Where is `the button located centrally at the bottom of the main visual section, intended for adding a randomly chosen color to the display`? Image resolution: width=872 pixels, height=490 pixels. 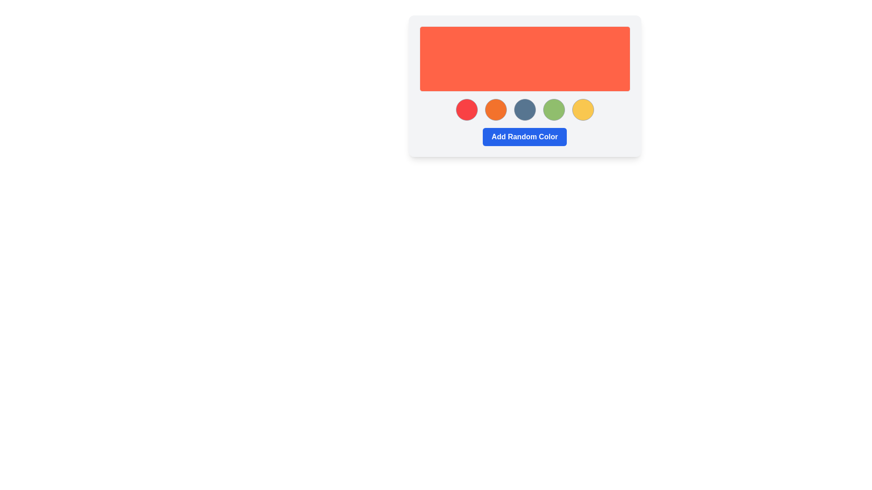 the button located centrally at the bottom of the main visual section, intended for adding a randomly chosen color to the display is located at coordinates (525, 137).